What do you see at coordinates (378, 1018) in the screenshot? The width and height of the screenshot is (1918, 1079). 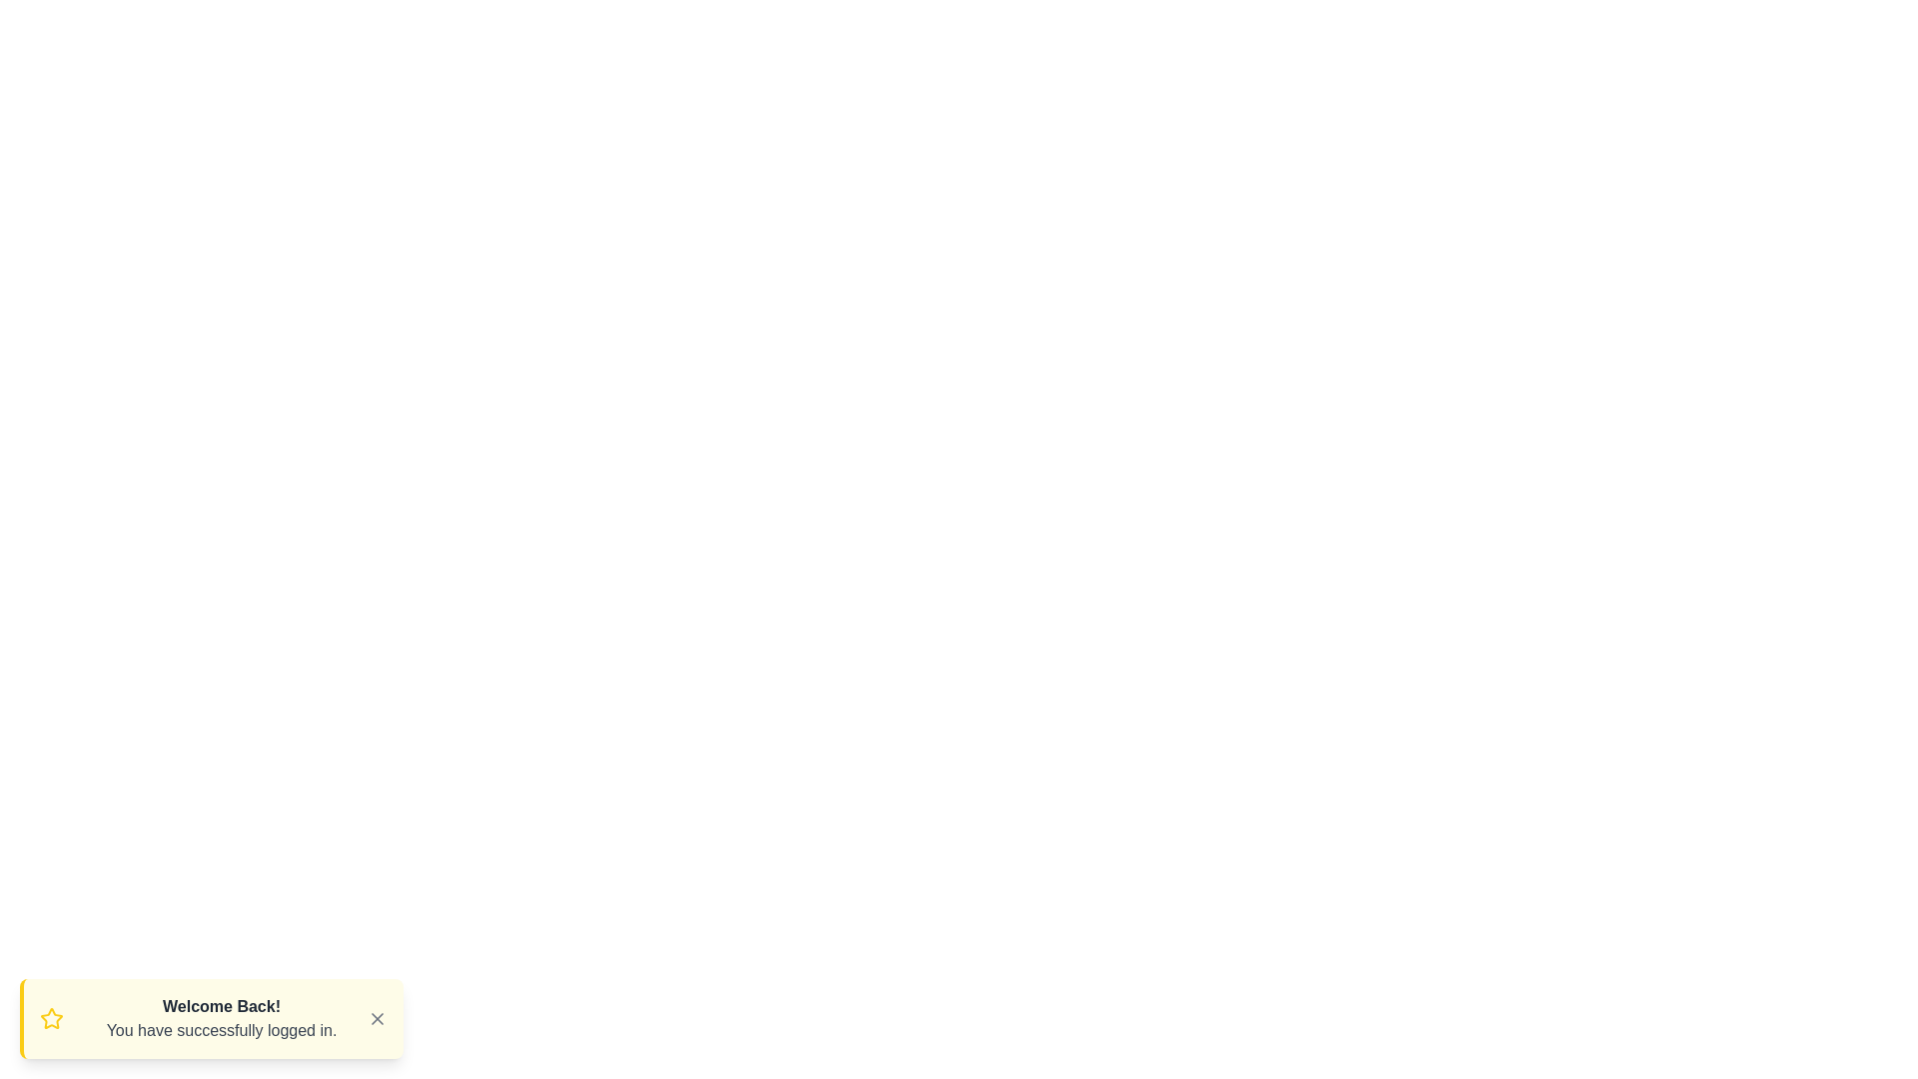 I see `the close button of the notification to dismiss it` at bounding box center [378, 1018].